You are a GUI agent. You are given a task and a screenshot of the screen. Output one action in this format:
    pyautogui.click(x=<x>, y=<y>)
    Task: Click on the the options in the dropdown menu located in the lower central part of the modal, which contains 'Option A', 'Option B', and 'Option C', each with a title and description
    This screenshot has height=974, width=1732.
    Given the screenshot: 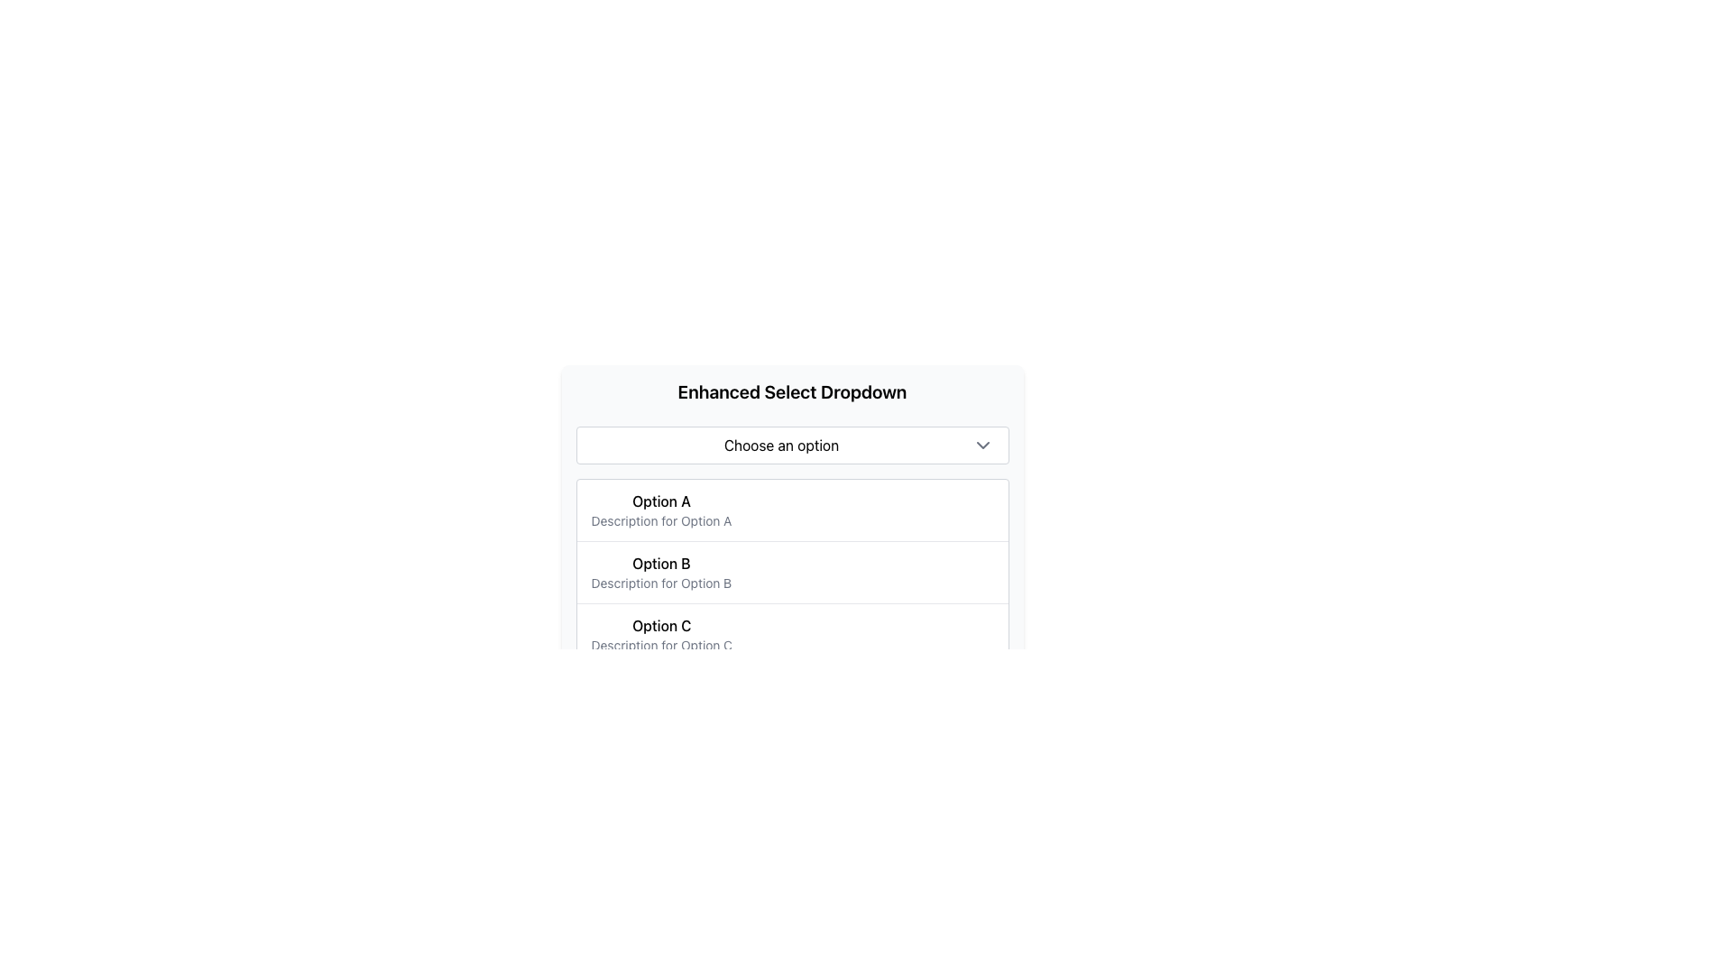 What is the action you would take?
    pyautogui.click(x=792, y=573)
    